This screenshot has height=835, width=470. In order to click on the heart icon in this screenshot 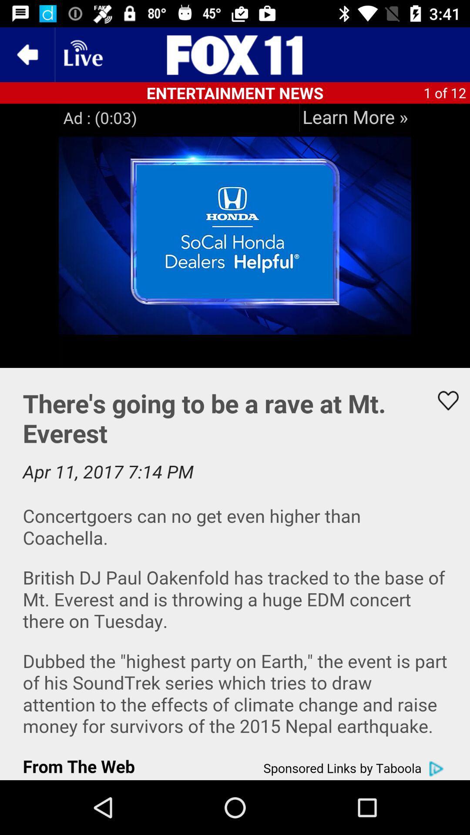, I will do `click(443, 400)`.